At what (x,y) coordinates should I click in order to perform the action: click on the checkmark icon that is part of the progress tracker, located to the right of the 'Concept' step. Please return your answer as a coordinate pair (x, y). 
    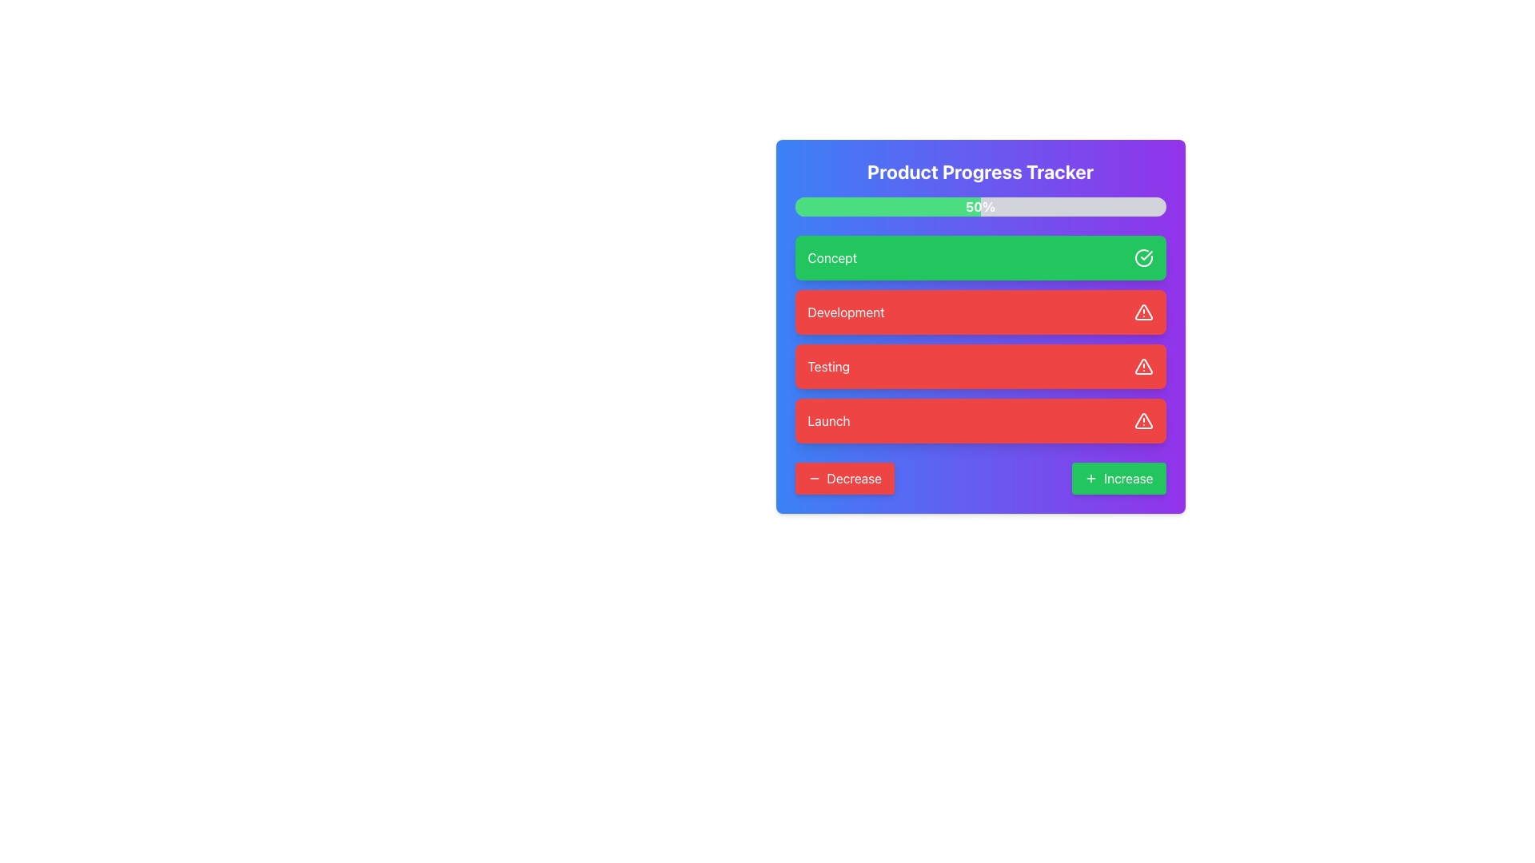
    Looking at the image, I should click on (1146, 255).